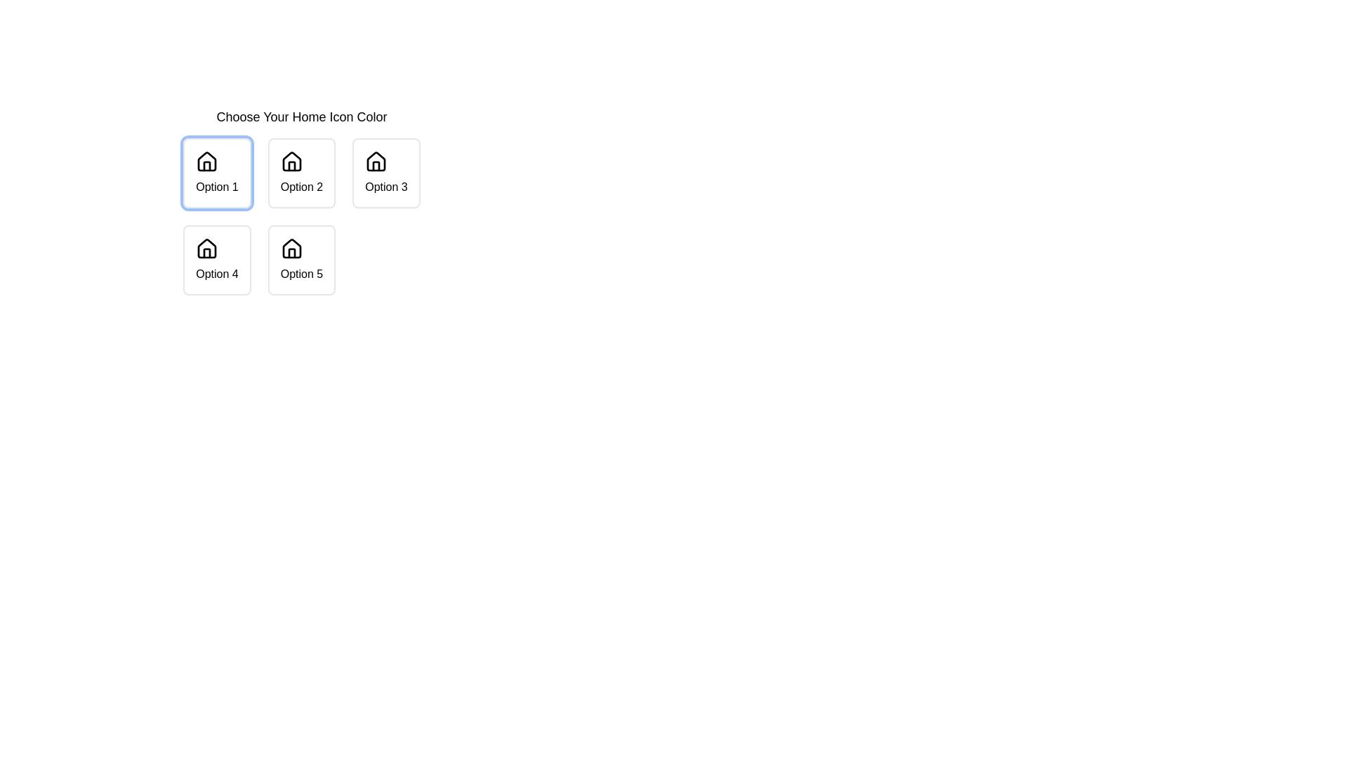  I want to click on the house icon element featuring an open door located in the bottom-right section of the group of five house icons, so click(291, 253).